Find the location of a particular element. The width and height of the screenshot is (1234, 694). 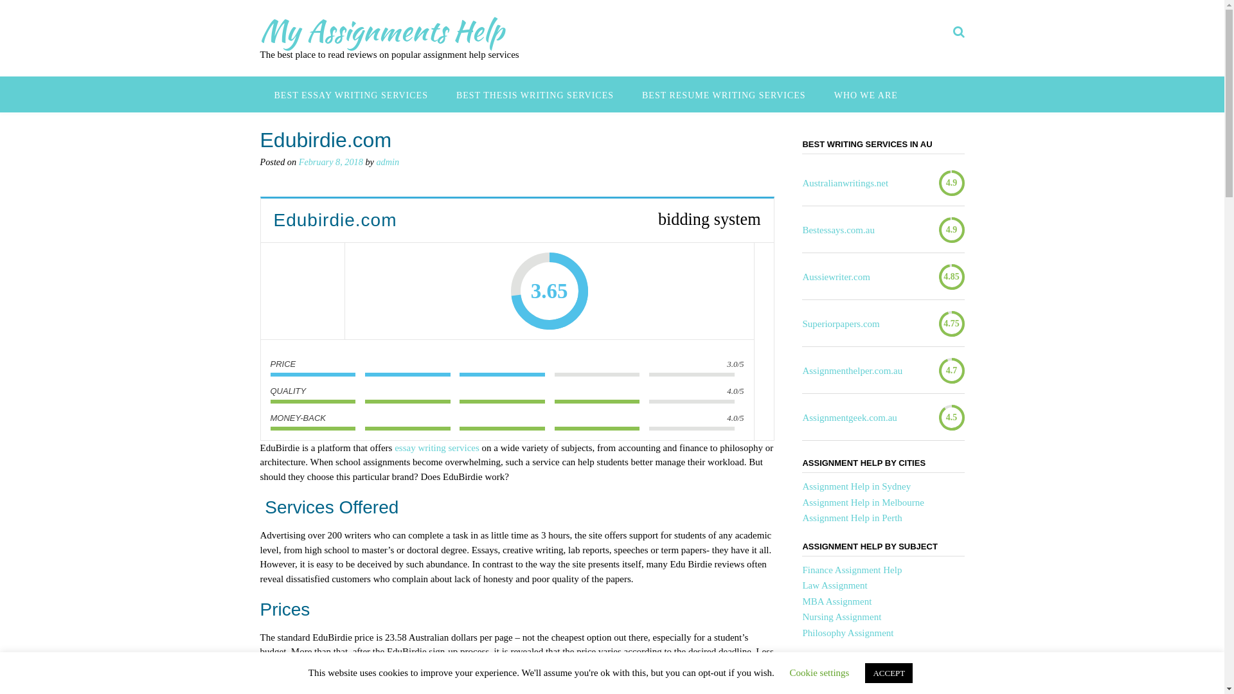

'February 8, 2018' is located at coordinates (330, 161).